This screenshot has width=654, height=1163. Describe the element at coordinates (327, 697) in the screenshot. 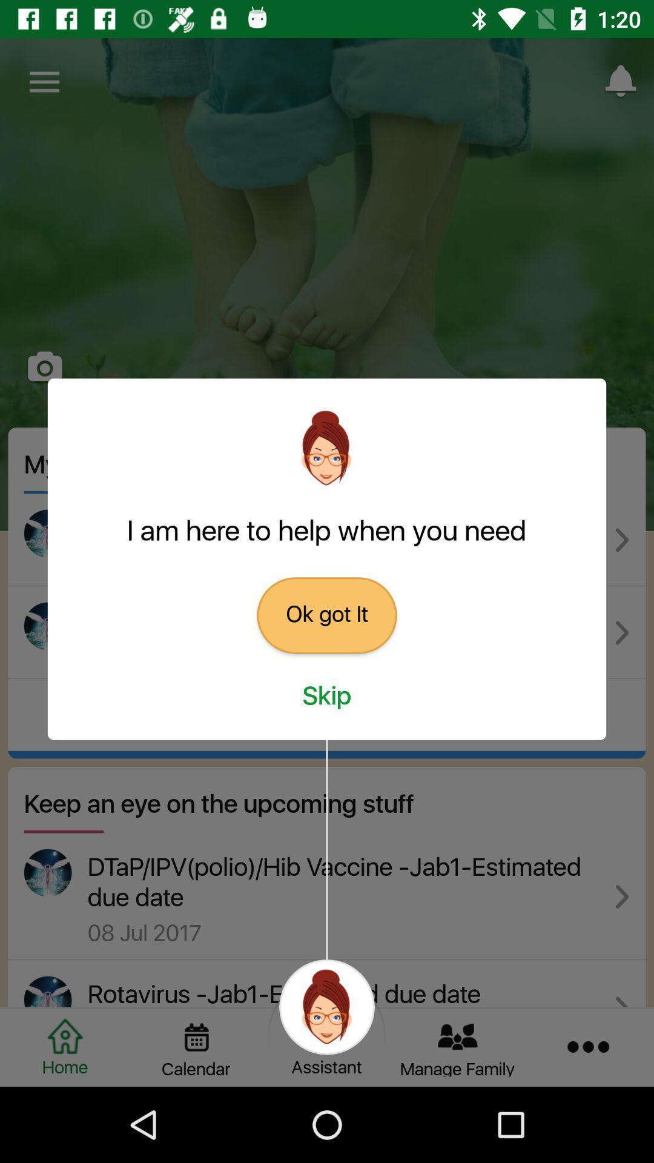

I see `icon below the ok got it icon` at that location.